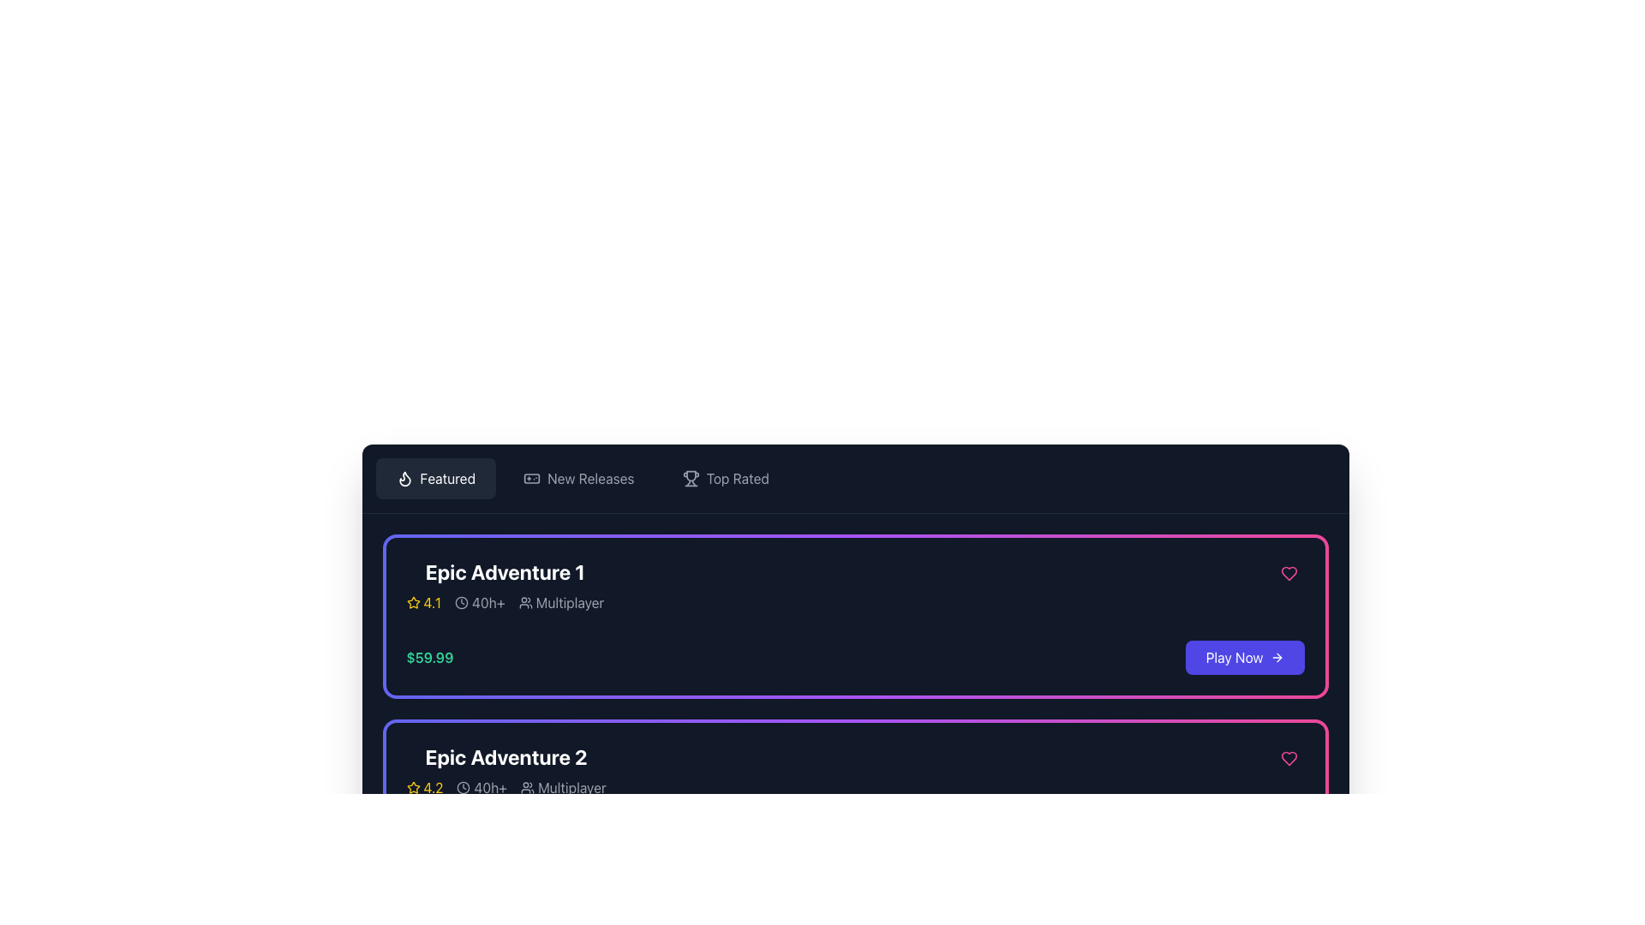  I want to click on the circular clock icon located to the left of the text '40h+' beneath the title 'Epic Adventure 1' in the card layout, so click(461, 602).